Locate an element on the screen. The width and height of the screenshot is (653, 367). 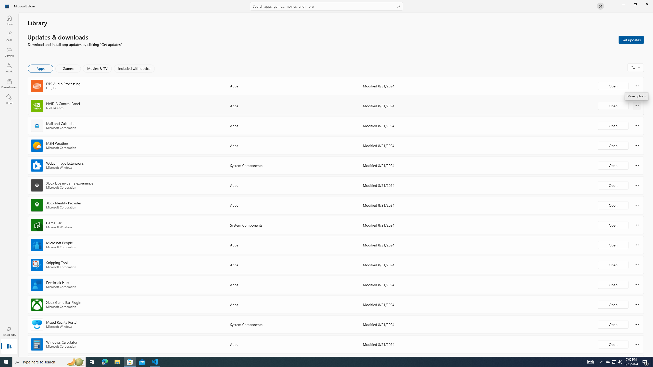
'Search' is located at coordinates (326, 6).